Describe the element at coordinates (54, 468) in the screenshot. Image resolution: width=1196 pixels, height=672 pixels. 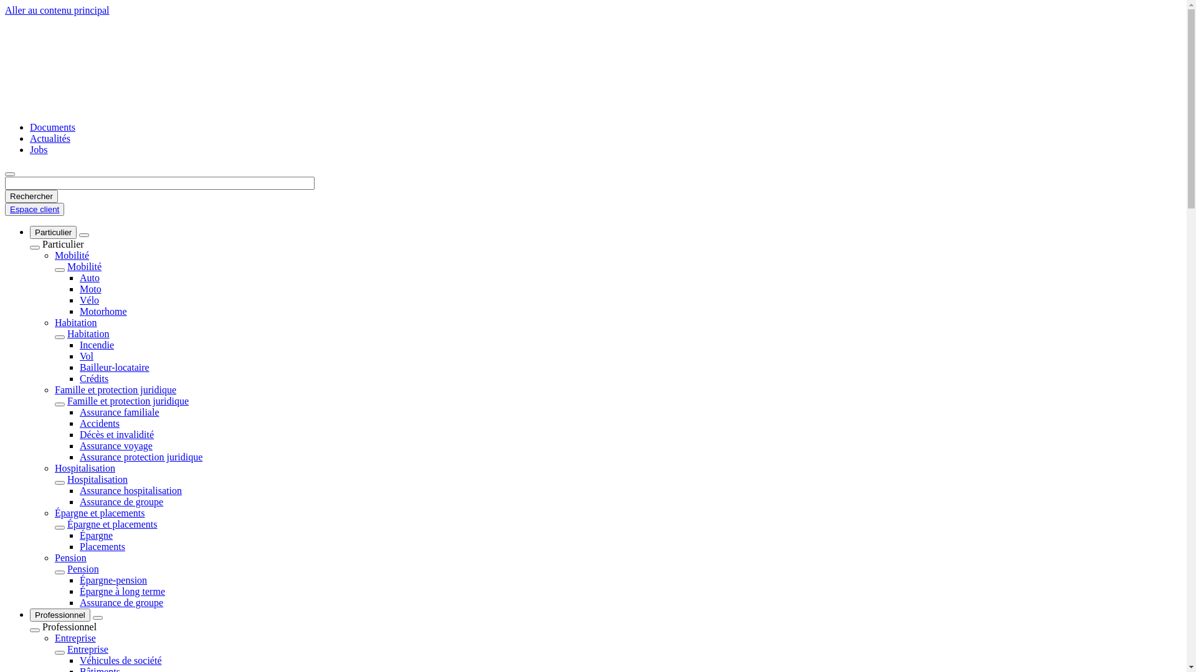
I see `'Hospitalisation'` at that location.